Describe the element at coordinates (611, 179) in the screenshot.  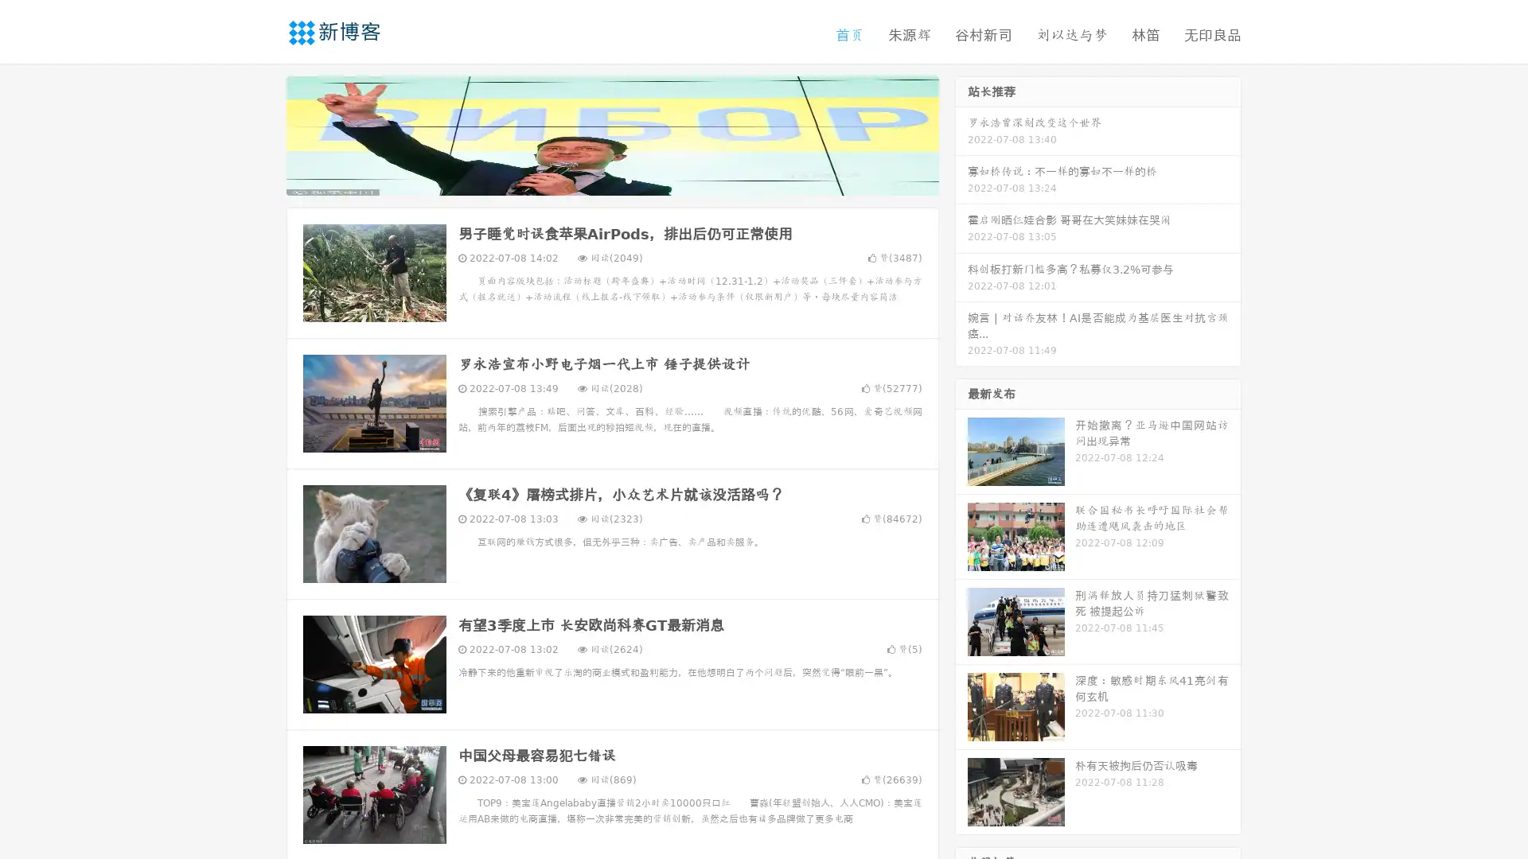
I see `Go to slide 2` at that location.